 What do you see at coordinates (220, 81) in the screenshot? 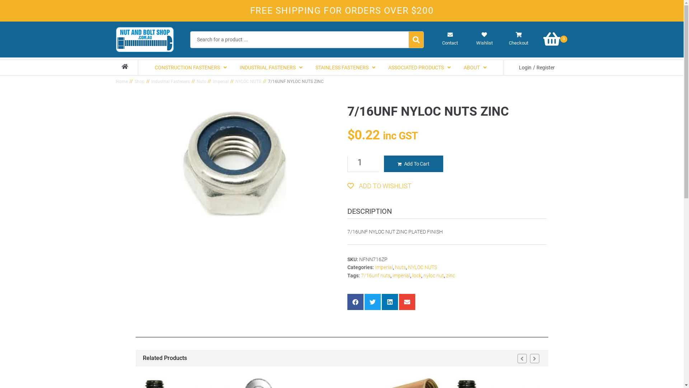
I see `'Imperial'` at bounding box center [220, 81].